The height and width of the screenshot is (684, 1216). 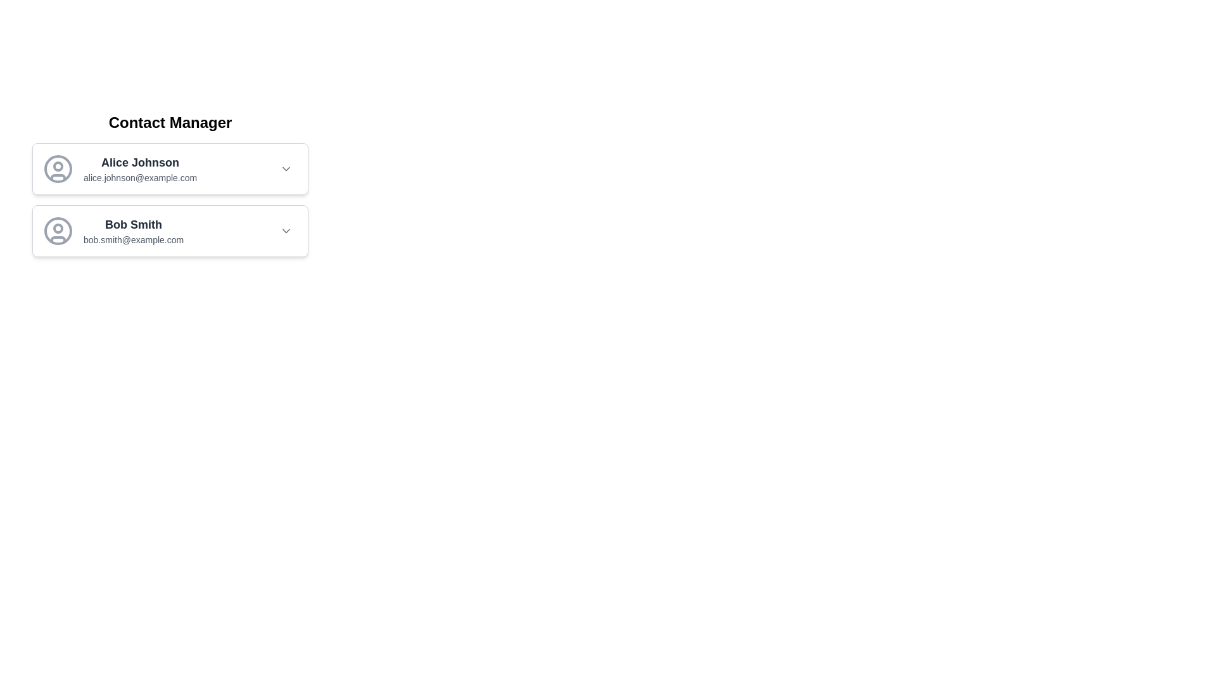 What do you see at coordinates (140, 178) in the screenshot?
I see `the text label displaying an email address below 'Alice Johnson' in the contact information card` at bounding box center [140, 178].